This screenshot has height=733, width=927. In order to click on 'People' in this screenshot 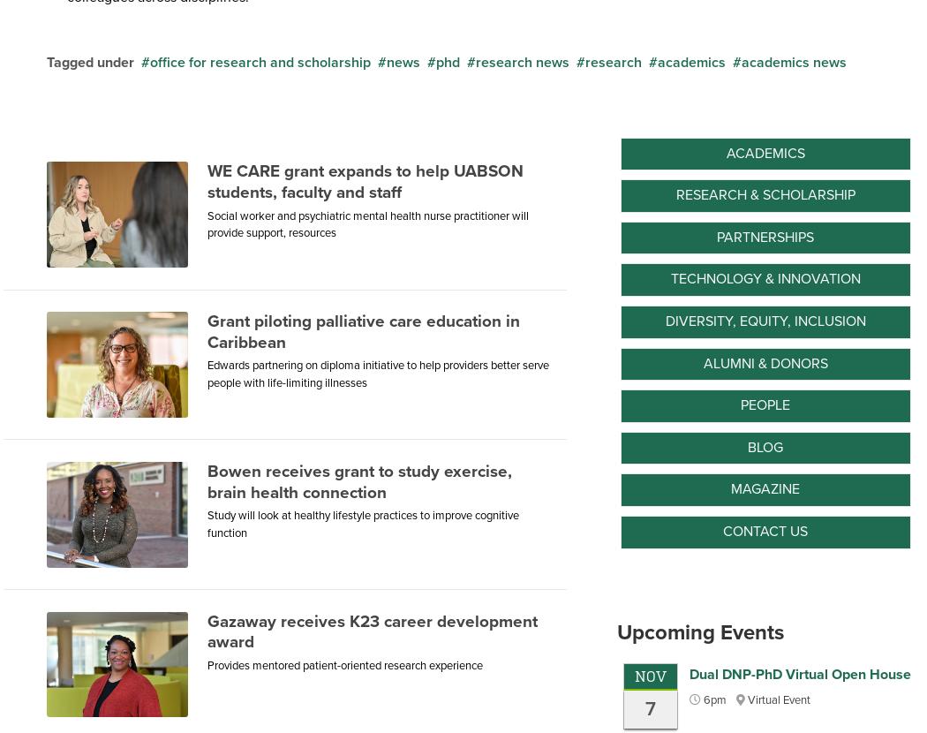, I will do `click(764, 404)`.